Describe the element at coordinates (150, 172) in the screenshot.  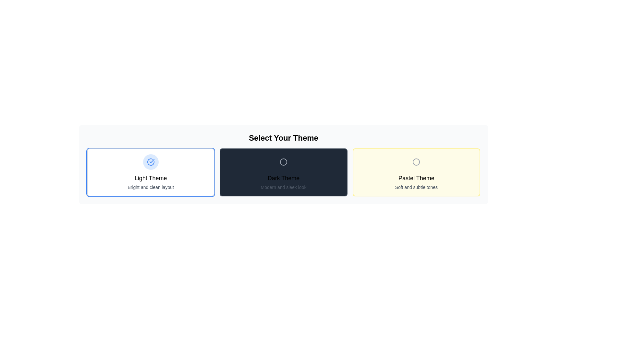
I see `the 'Light Theme' selectable card, which has a blue circle icon with a checkmark and is positioned as the first card in a horizontal layout` at that location.